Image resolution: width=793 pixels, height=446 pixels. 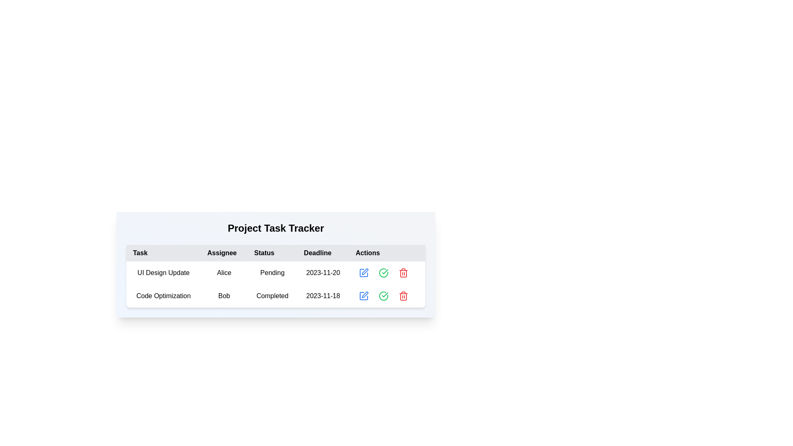 I want to click on the green checkmark icon indicating task completion for 'Code Optimization' located in the 'Actions' column of the second row in the table, so click(x=385, y=294).